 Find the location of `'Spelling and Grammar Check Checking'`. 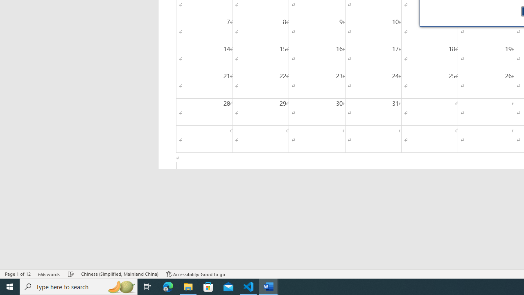

'Spelling and Grammar Check Checking' is located at coordinates (71, 274).